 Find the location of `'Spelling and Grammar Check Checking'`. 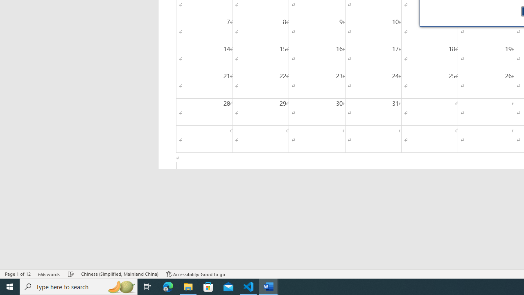

'Spelling and Grammar Check Checking' is located at coordinates (71, 274).